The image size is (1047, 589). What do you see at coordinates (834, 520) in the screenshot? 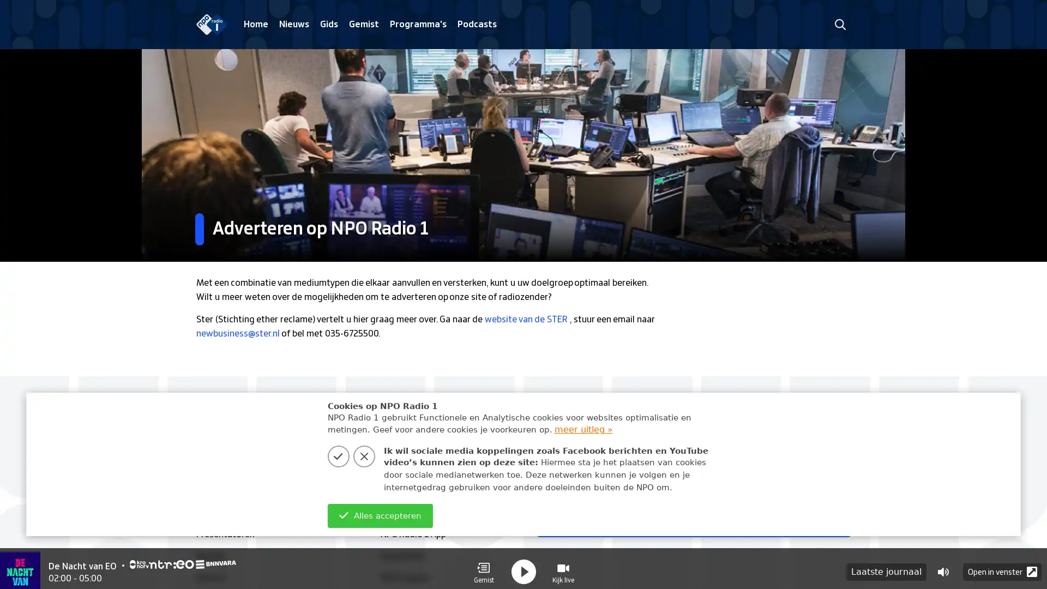
I see `AnchorChevron` at bounding box center [834, 520].